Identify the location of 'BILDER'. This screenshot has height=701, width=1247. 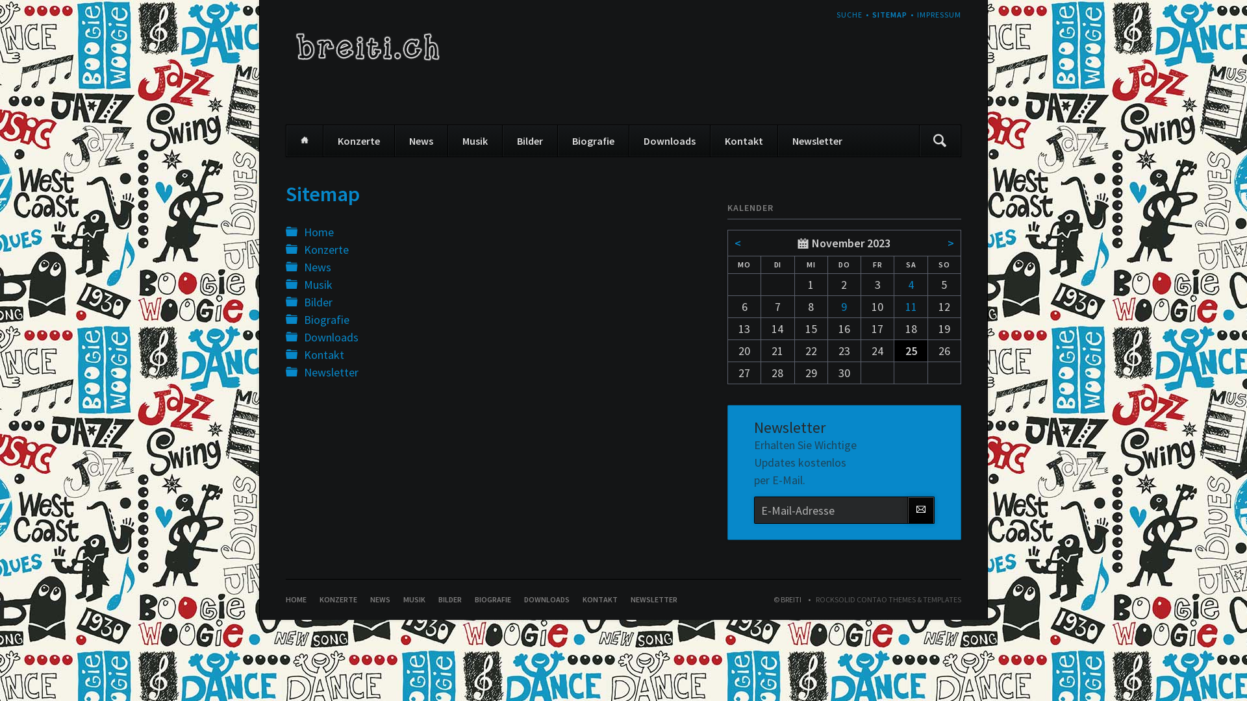
(449, 599).